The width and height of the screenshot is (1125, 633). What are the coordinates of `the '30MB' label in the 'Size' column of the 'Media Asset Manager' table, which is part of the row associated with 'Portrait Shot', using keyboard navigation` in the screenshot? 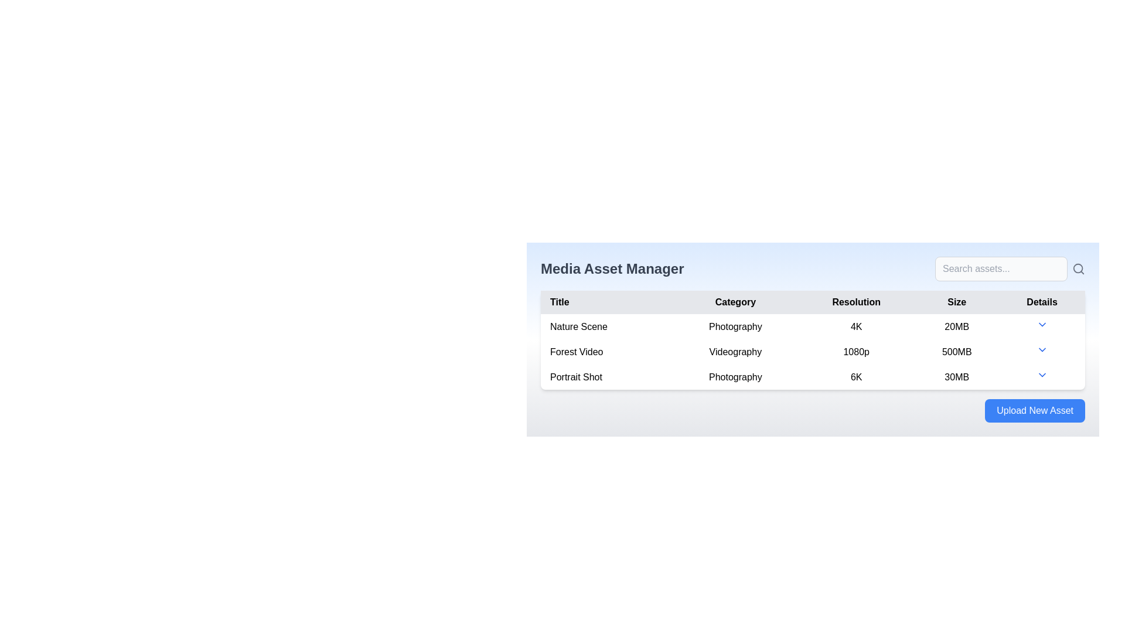 It's located at (957, 377).